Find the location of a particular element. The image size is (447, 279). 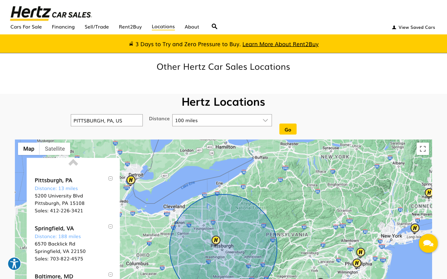

Using online search, look for second-hand car dealers in your vicinity is located at coordinates (214, 24).